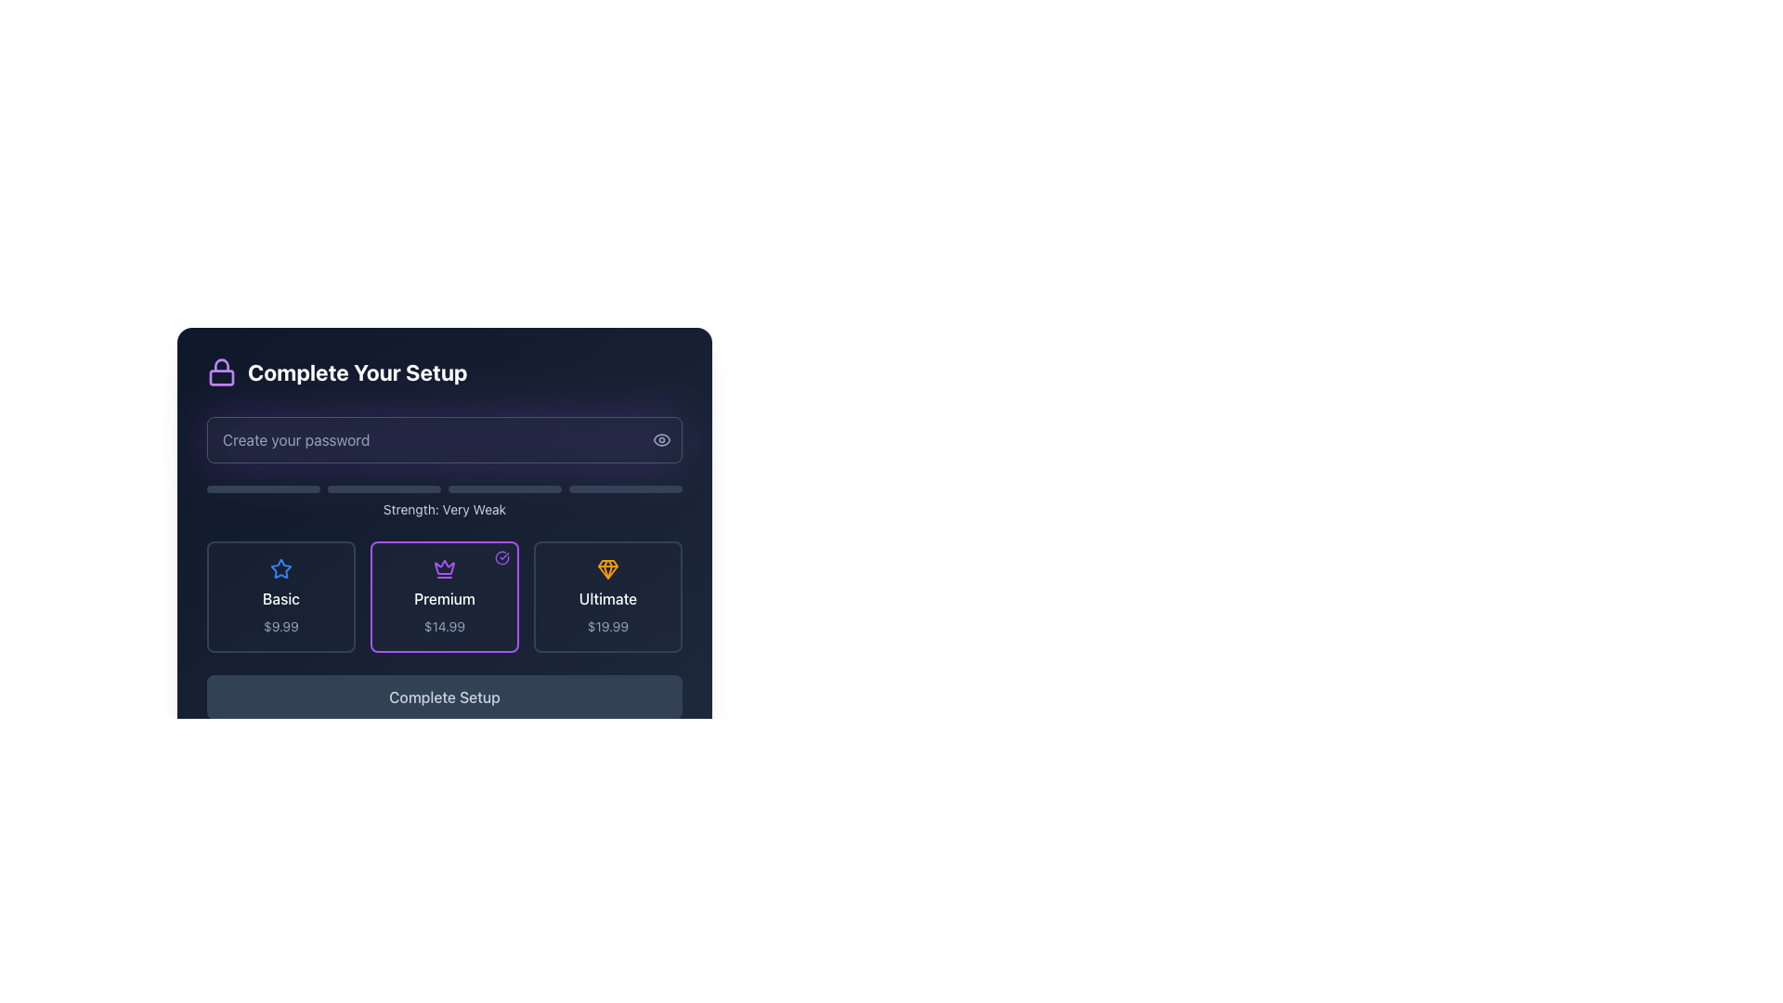 The height and width of the screenshot is (1003, 1783). Describe the element at coordinates (444, 509) in the screenshot. I see `the password strength feedback text label located below the progress bars and above the pricing options section` at that location.